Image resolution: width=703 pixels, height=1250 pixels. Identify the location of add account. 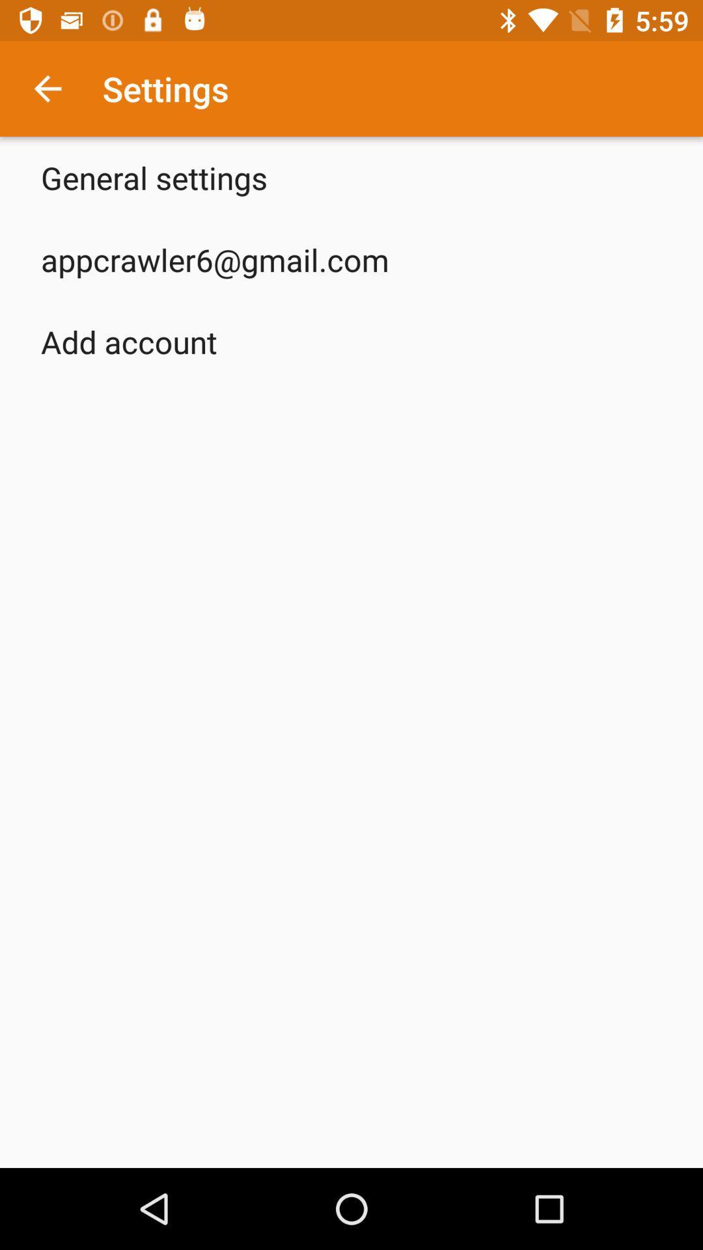
(129, 341).